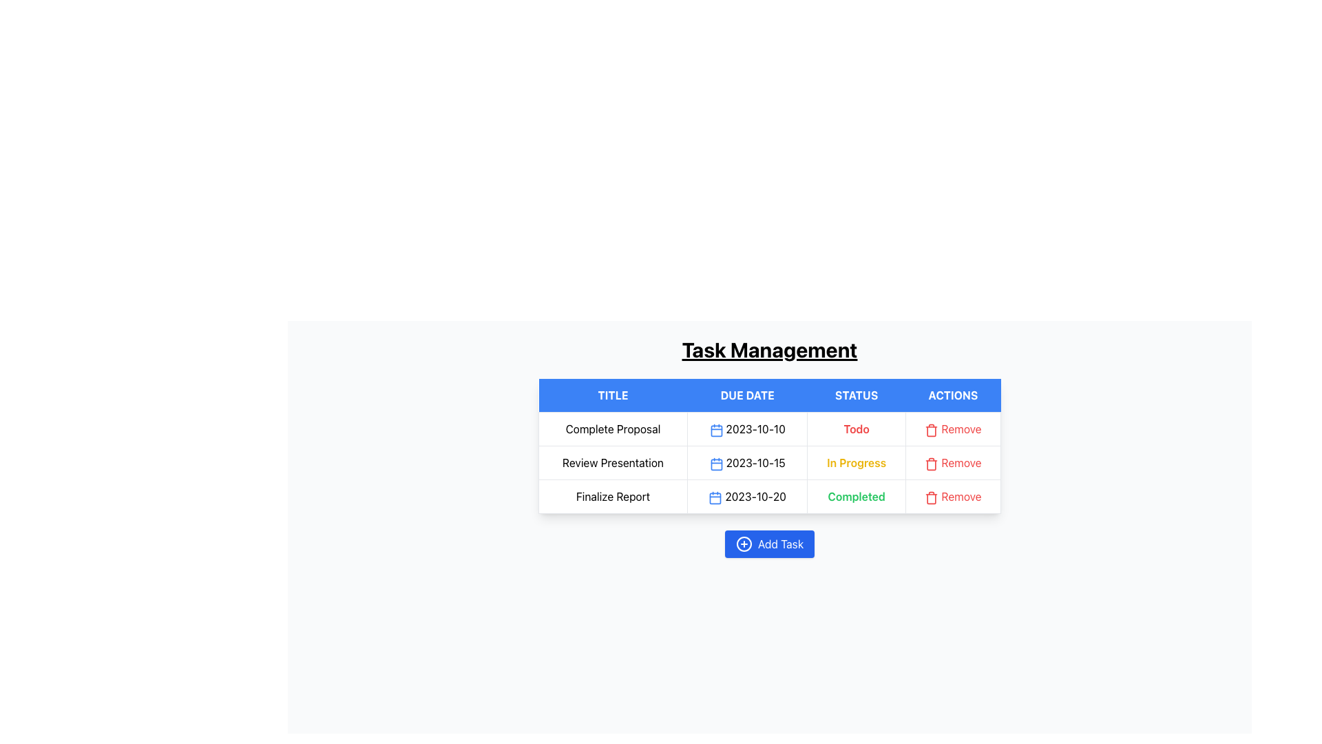  What do you see at coordinates (769, 462) in the screenshot?
I see `the task entry in the task management system that is the second row in the table, displaying task information including title, due date, status, and an option to remove the task` at bounding box center [769, 462].